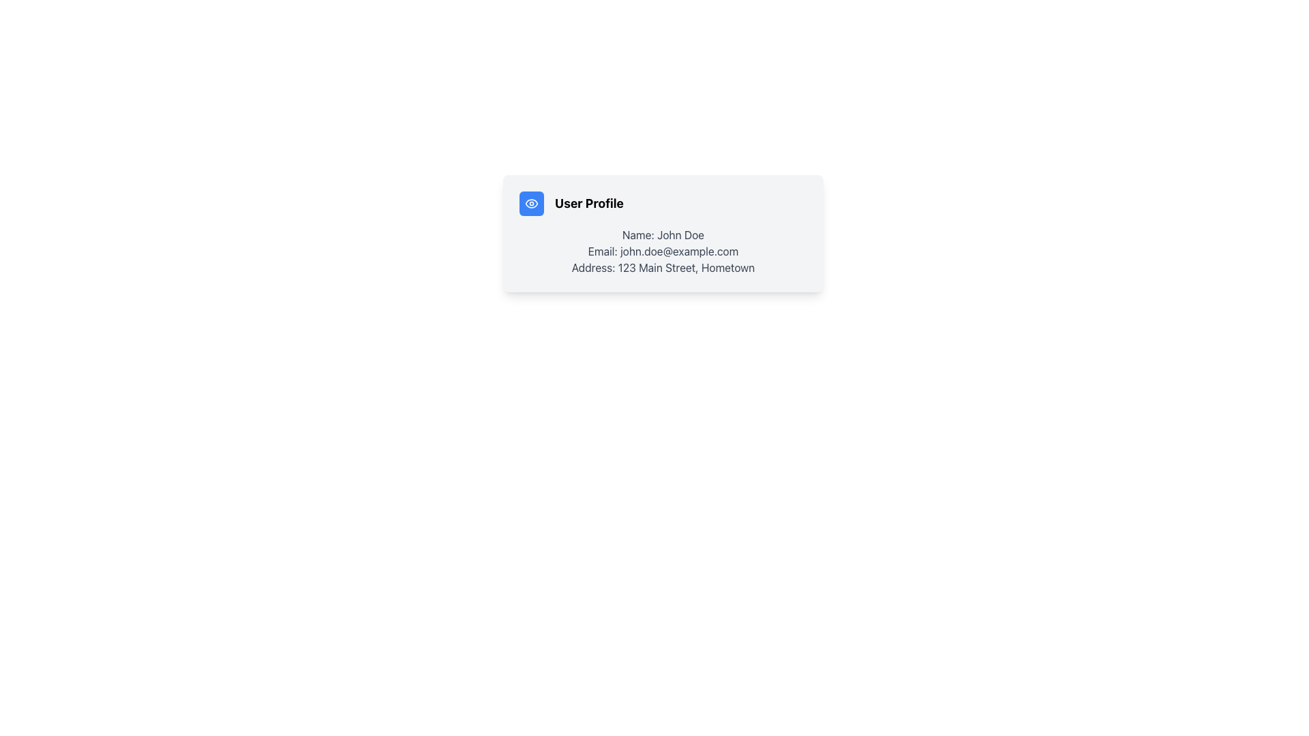 The height and width of the screenshot is (736, 1309). Describe the element at coordinates (663, 234) in the screenshot. I see `the static text block displaying 'Name: John Doe', which is the first text item in the profile information display area` at that location.